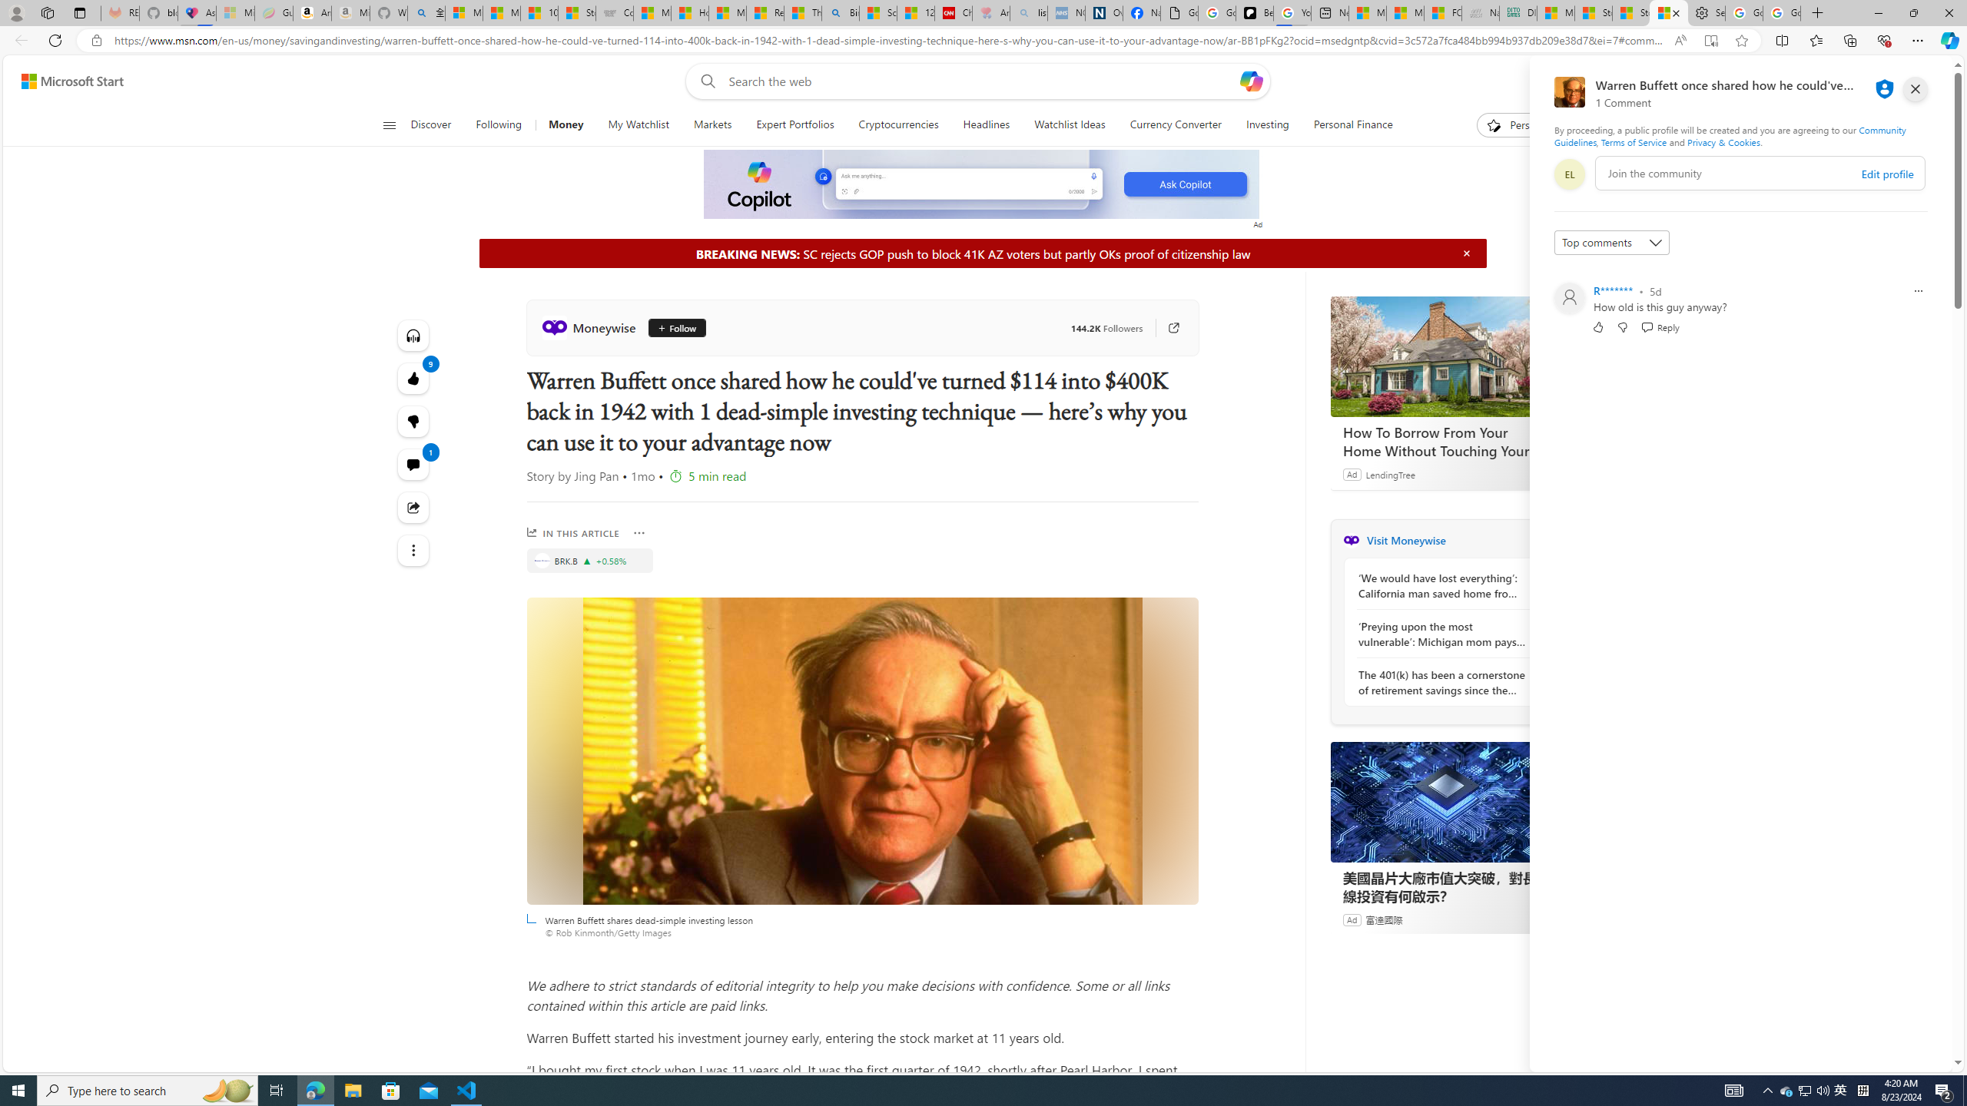  I want to click on 'More Options', so click(639, 532).